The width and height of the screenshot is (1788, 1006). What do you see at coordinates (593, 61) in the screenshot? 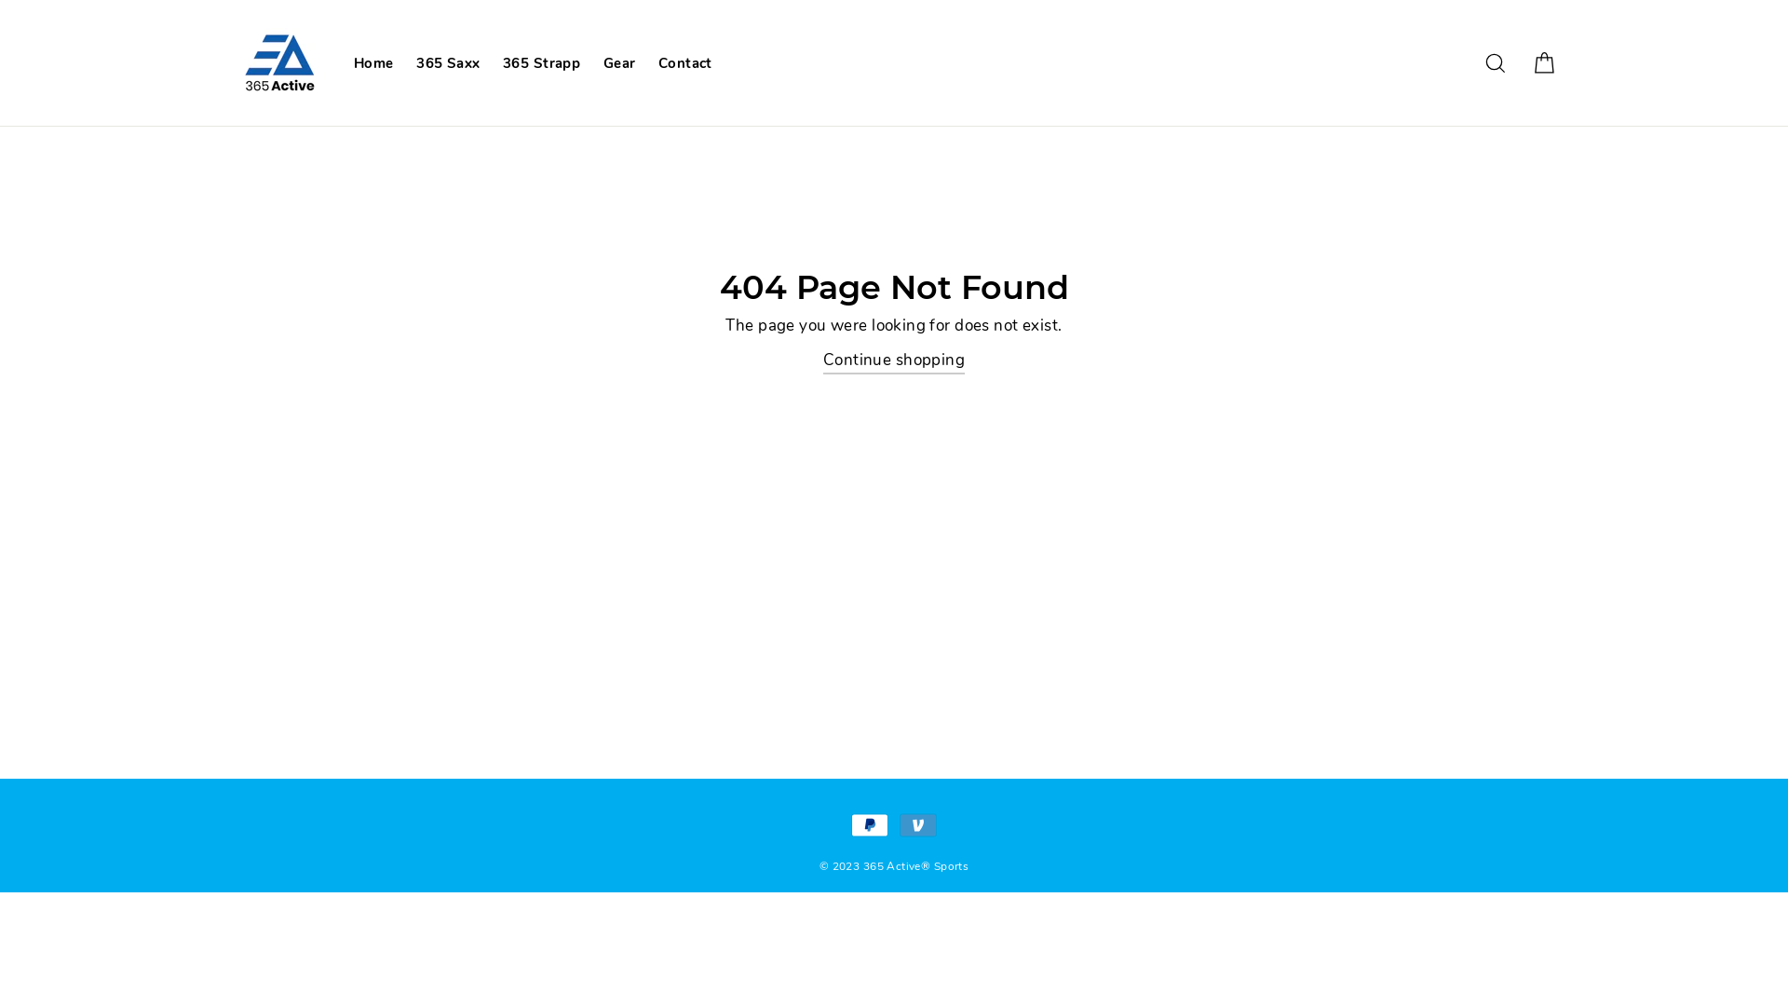
I see `'Gear'` at bounding box center [593, 61].